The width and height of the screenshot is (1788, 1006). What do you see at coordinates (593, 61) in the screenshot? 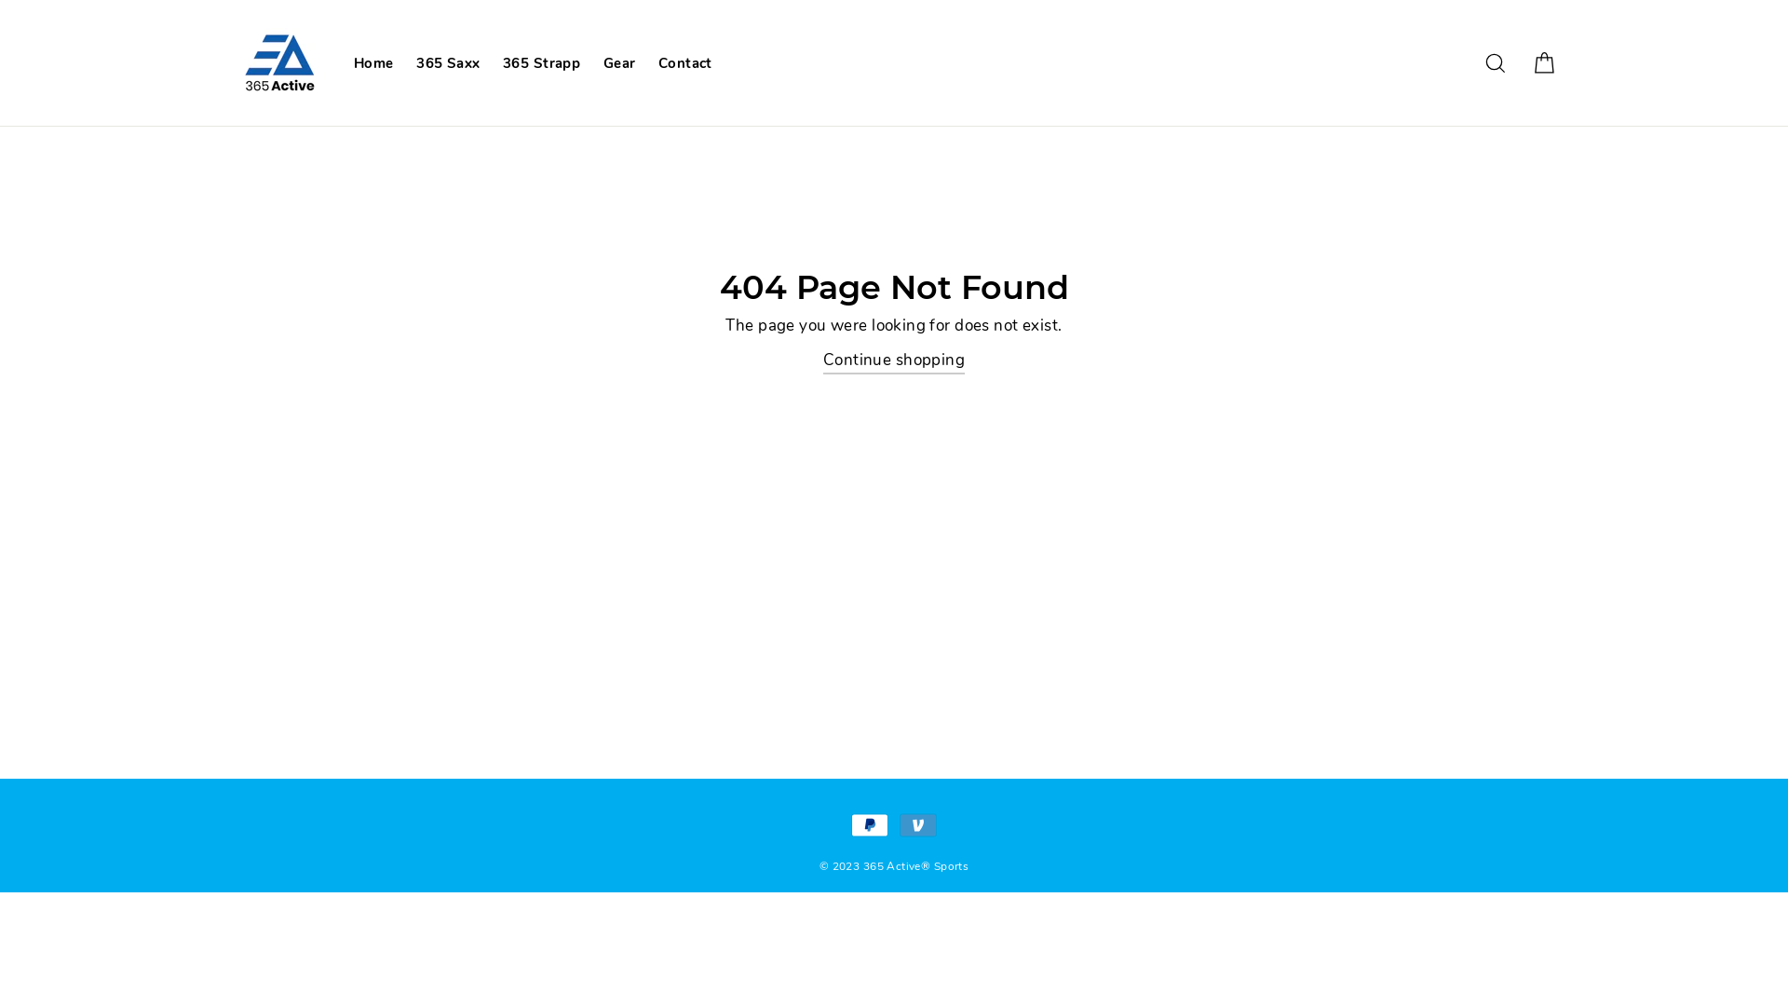
I see `'Gear'` at bounding box center [593, 61].